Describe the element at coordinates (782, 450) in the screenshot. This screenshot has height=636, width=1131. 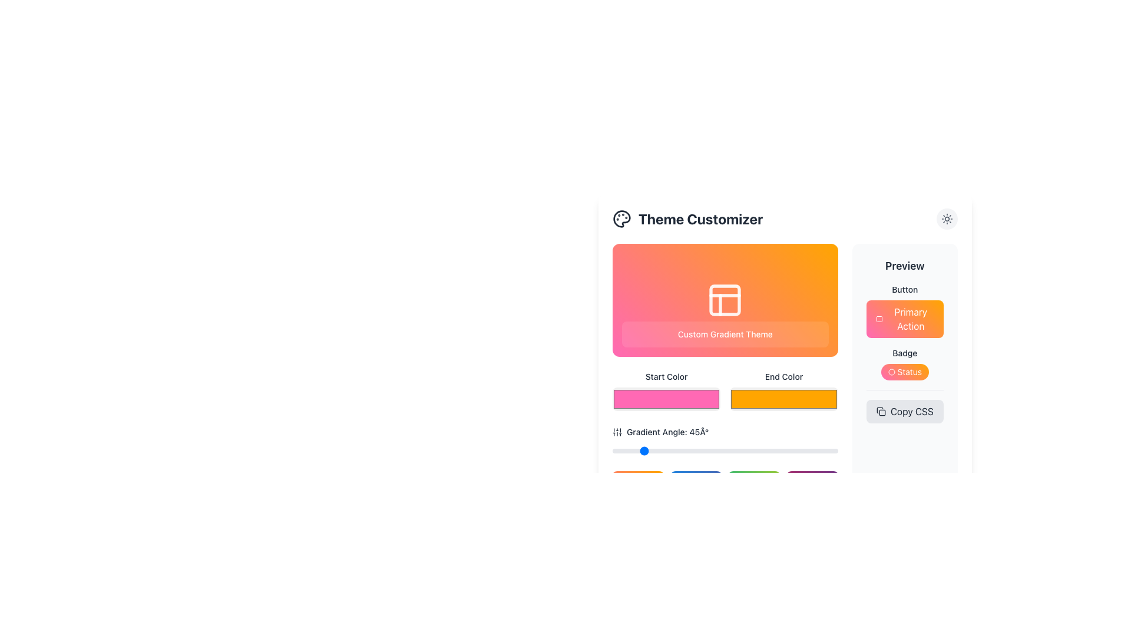
I see `the gradient angle` at that location.